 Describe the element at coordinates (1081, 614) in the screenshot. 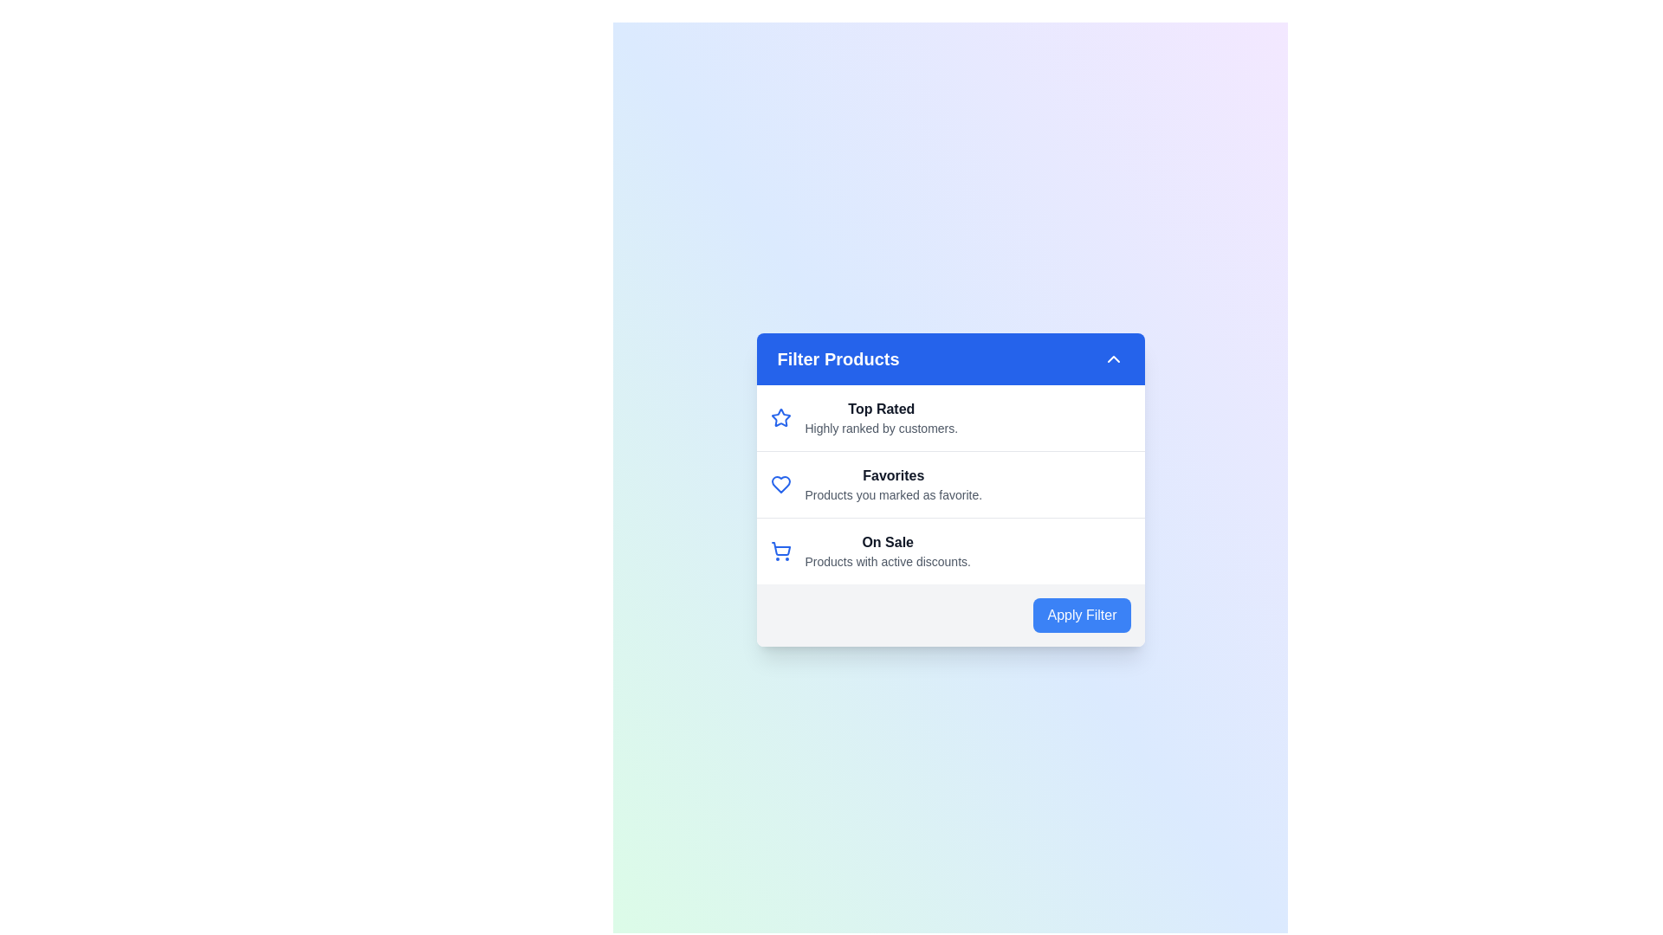

I see `'Apply Filter' button to apply the selected filter` at that location.